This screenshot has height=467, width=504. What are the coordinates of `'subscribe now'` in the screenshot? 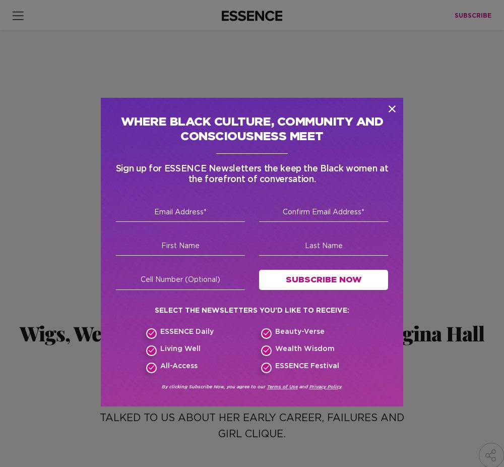 It's located at (358, 330).